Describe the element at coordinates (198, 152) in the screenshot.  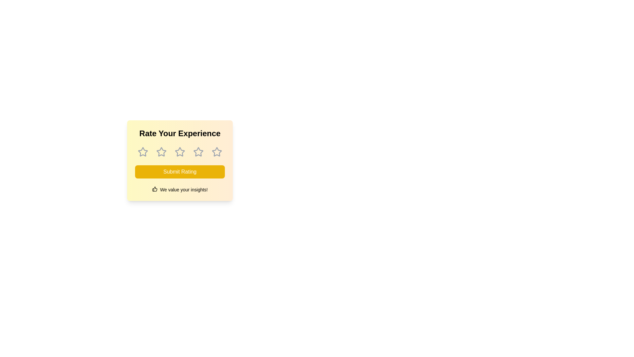
I see `the third star-shaped icon in a row of five stars` at that location.